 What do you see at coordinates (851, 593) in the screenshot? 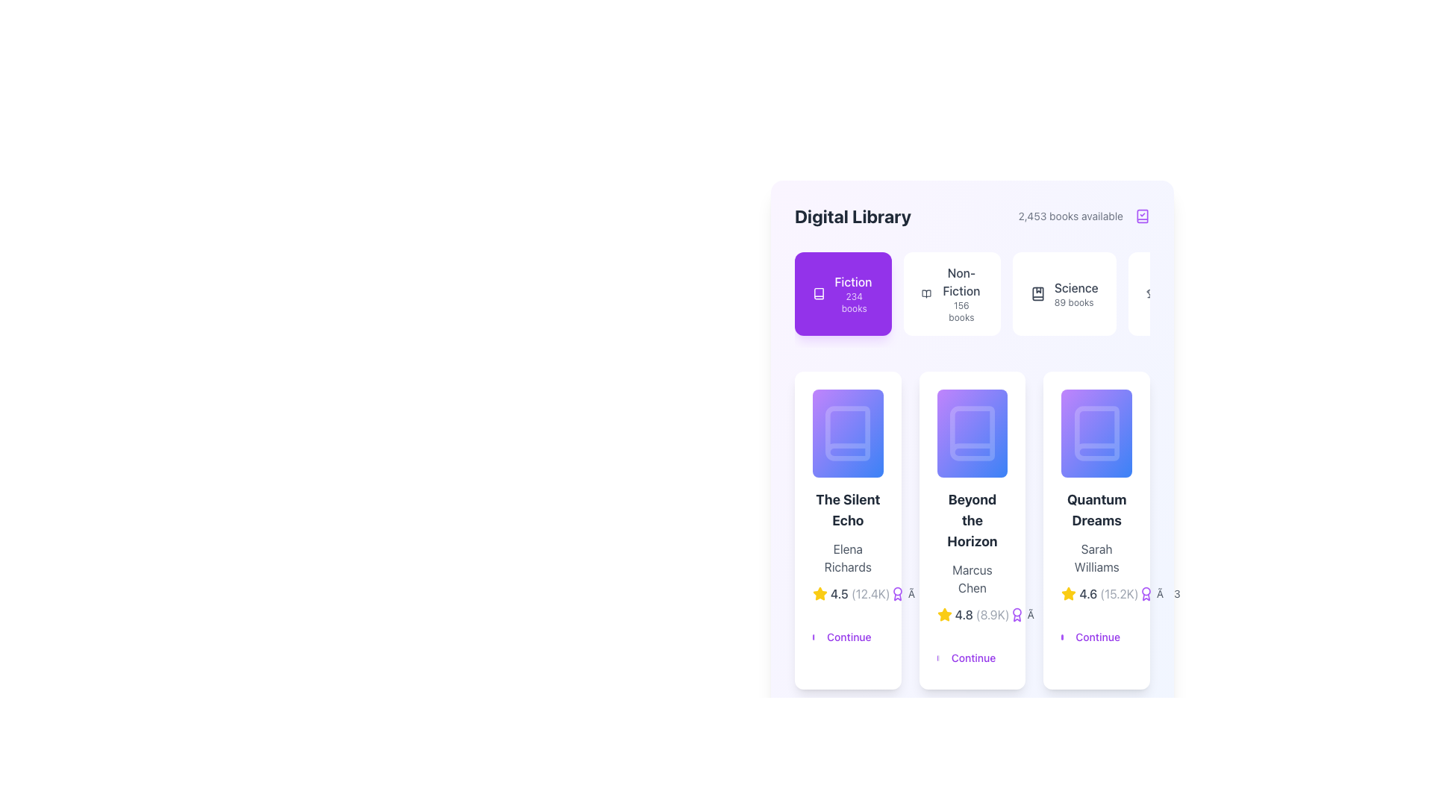
I see `the rating display showing '4.5' stars and '(12.4K)' reviews under the 'Fiction' category in the first card titled 'The Silent Echo' by Elena Richards` at bounding box center [851, 593].